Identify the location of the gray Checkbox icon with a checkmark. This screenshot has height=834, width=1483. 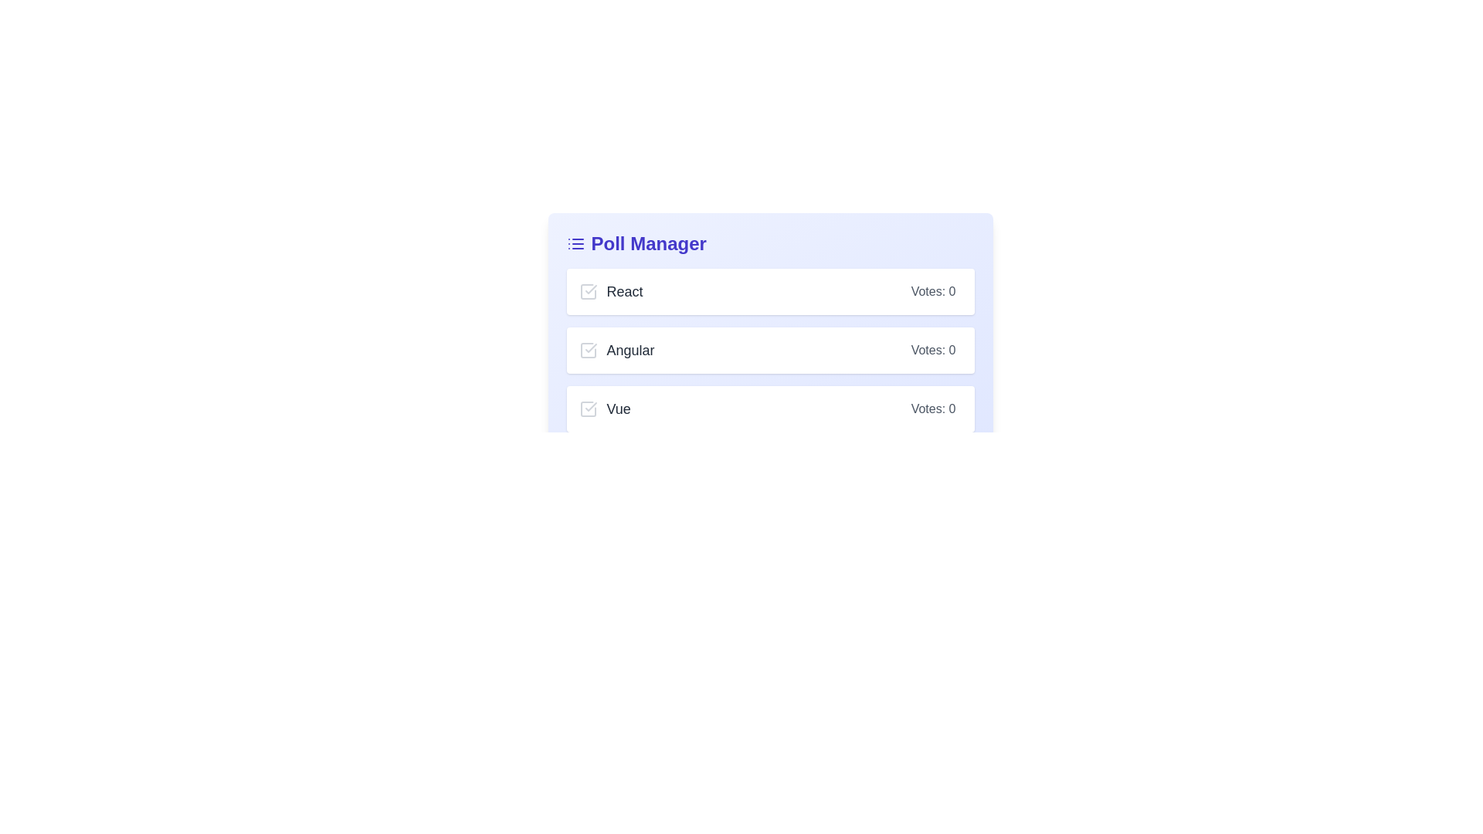
(587, 351).